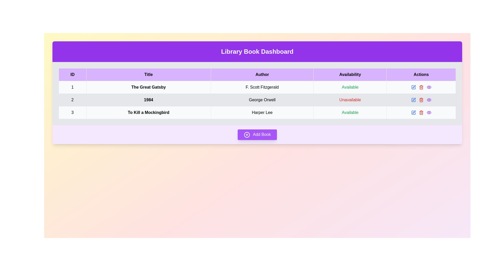  Describe the element at coordinates (421, 112) in the screenshot. I see `the edit icon within the interactive icons group in the 'Actions' column of the third row for the book 'To Kill a Mockingbird' to modify the entry` at that location.